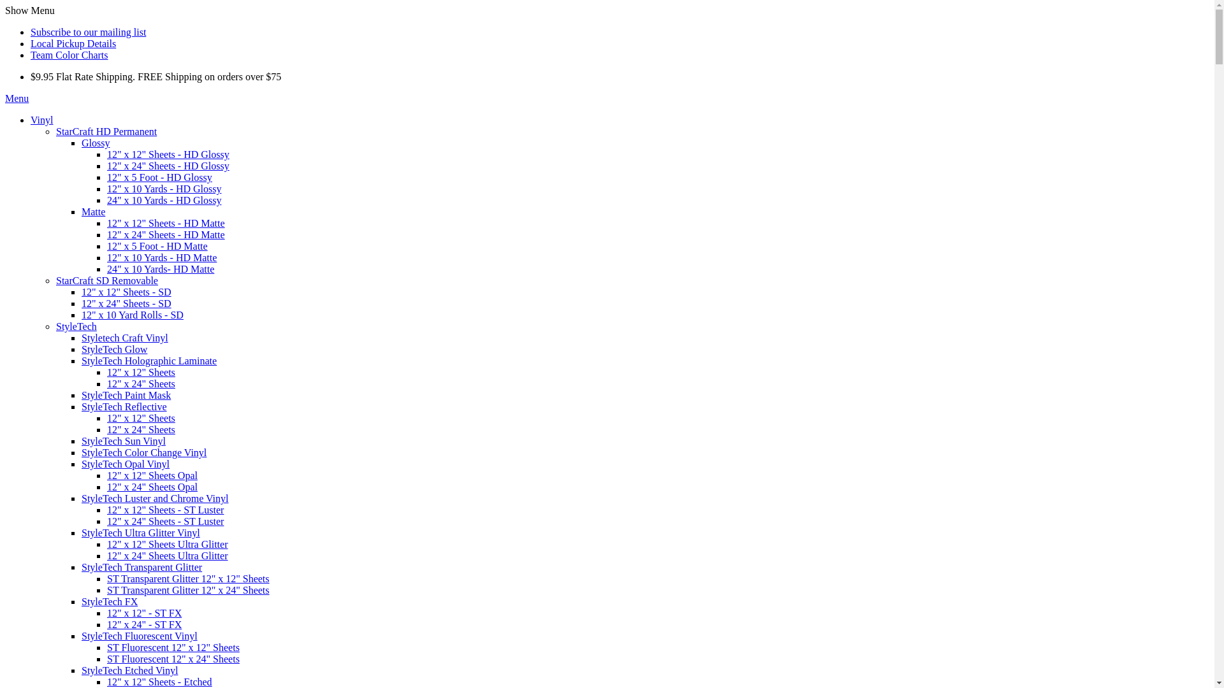 This screenshot has width=1224, height=688. I want to click on 'Subscribe to our mailing list', so click(87, 31).